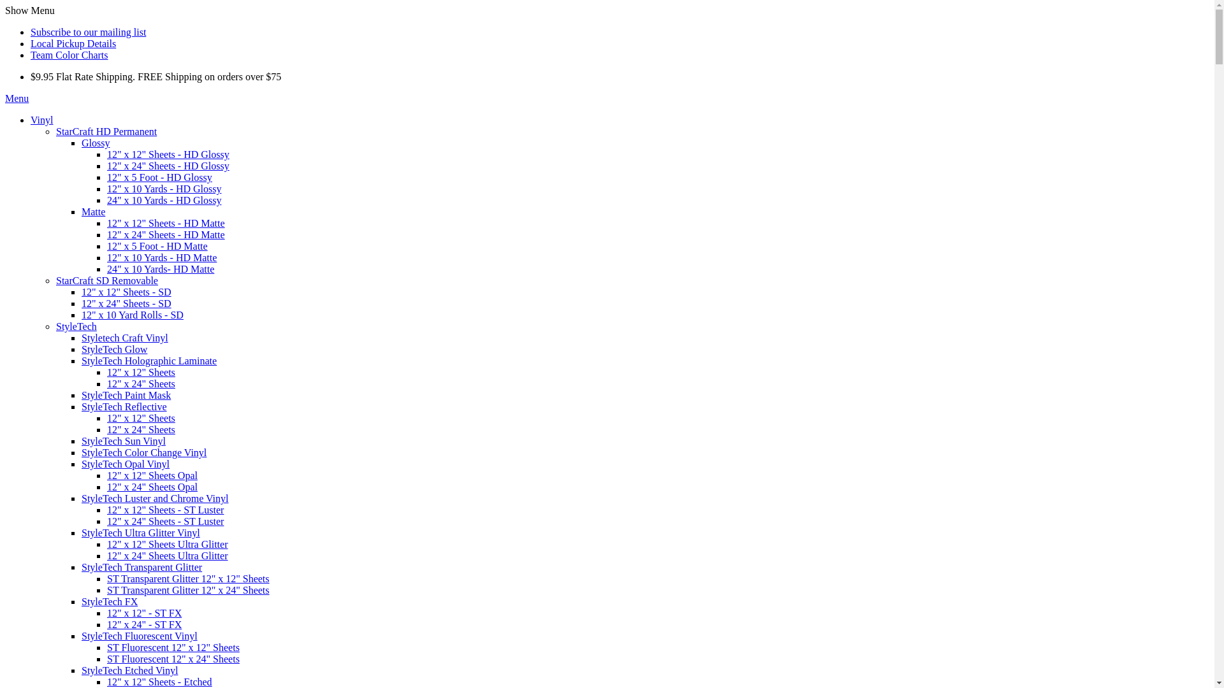 This screenshot has width=1224, height=688. I want to click on 'Subscribe to our mailing list', so click(87, 31).